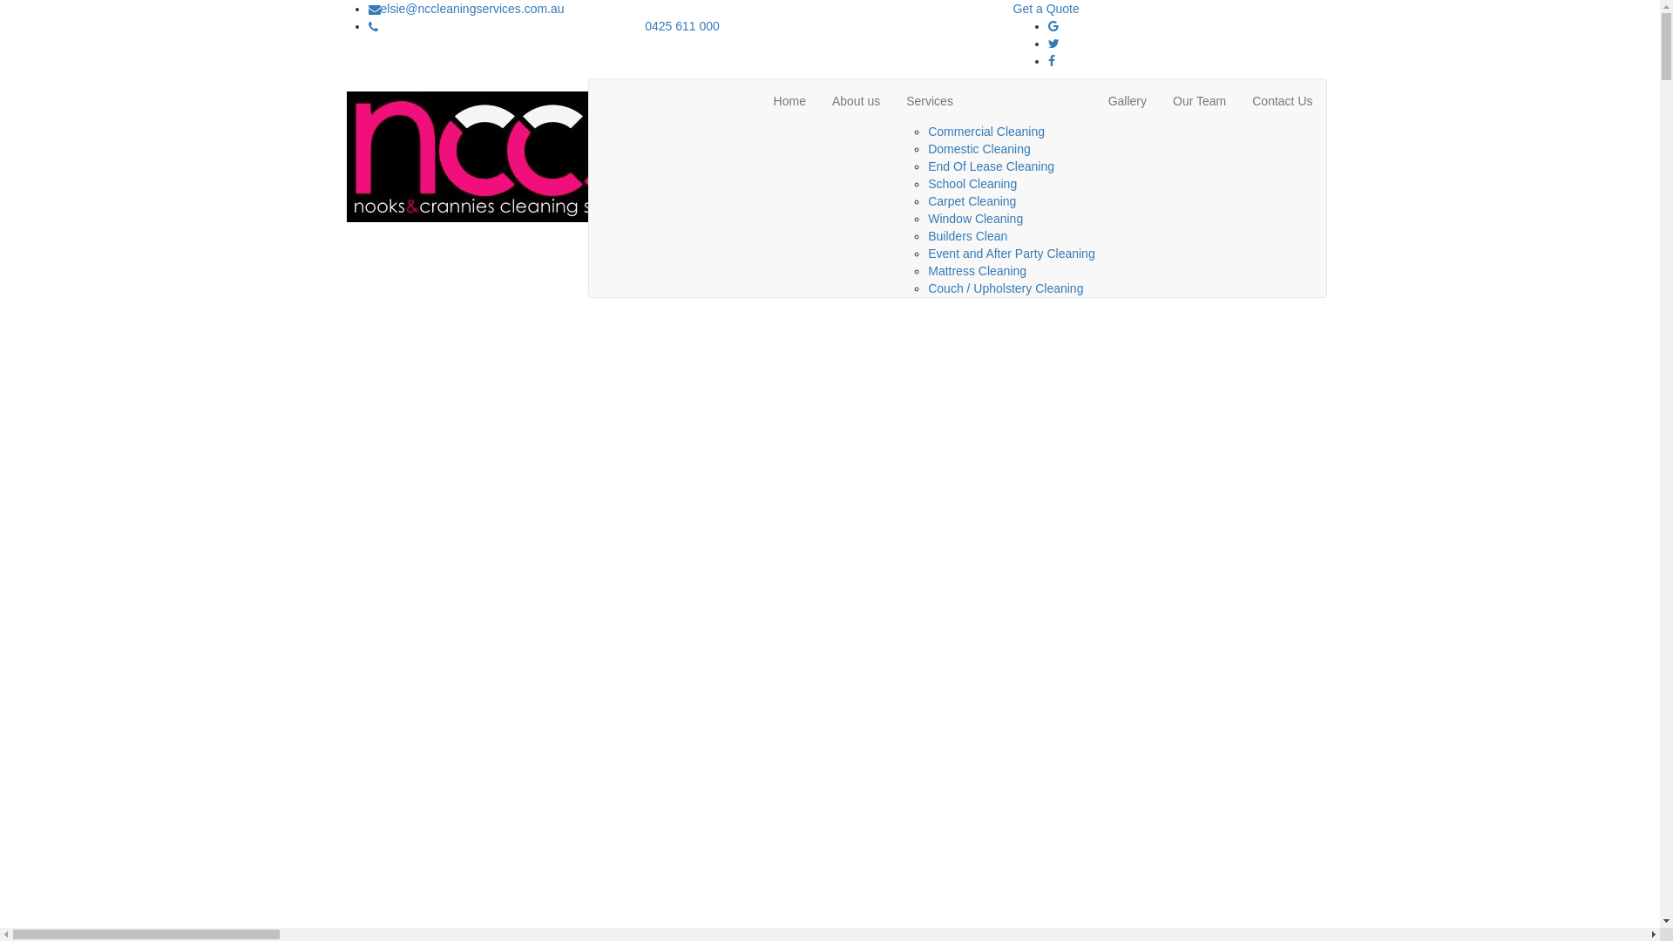  What do you see at coordinates (1198, 100) in the screenshot?
I see `'Our Team'` at bounding box center [1198, 100].